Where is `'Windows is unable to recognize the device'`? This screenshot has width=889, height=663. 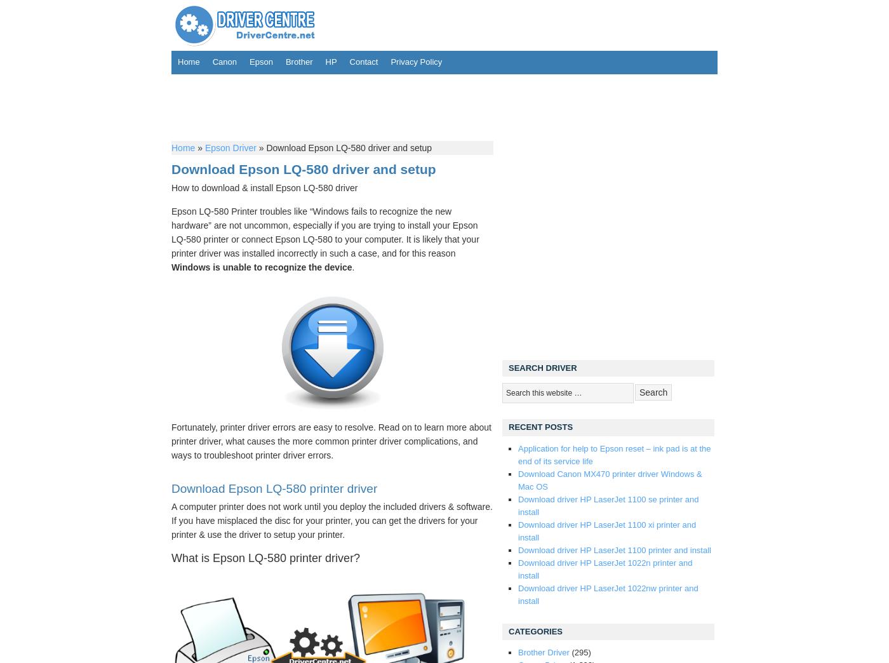
'Windows is unable to recognize the device' is located at coordinates (171, 267).